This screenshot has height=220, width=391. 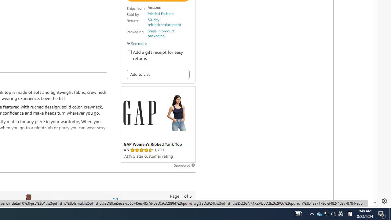 I want to click on 'Add to List', so click(x=158, y=74).